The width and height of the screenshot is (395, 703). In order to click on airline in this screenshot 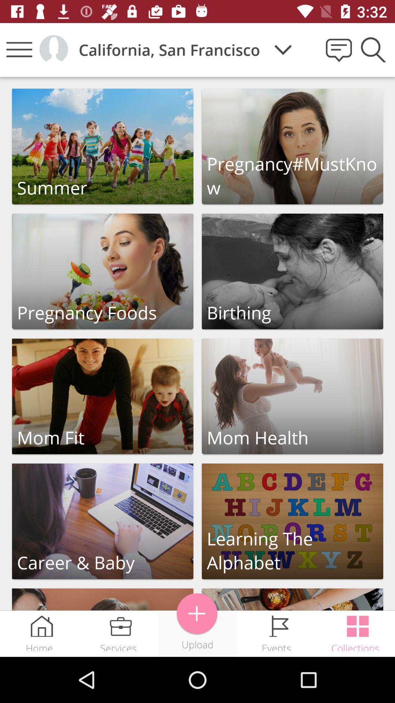, I will do `click(197, 614)`.